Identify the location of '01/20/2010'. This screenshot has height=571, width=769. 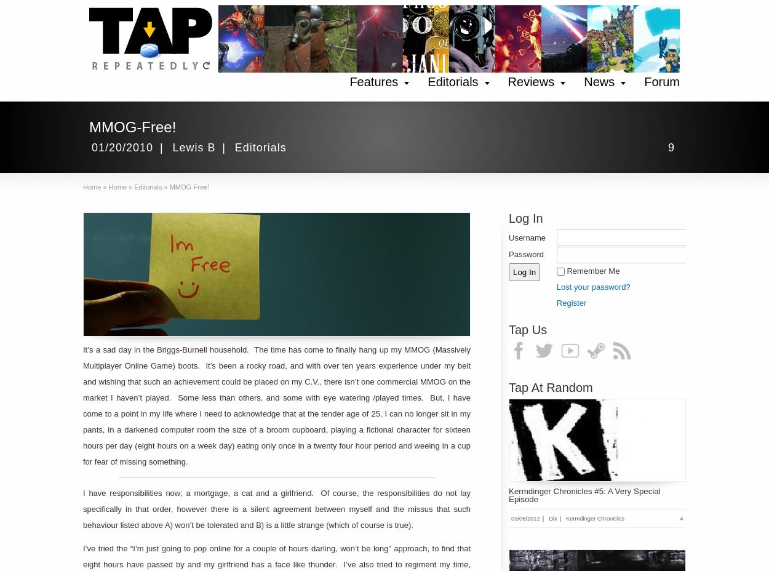
(122, 146).